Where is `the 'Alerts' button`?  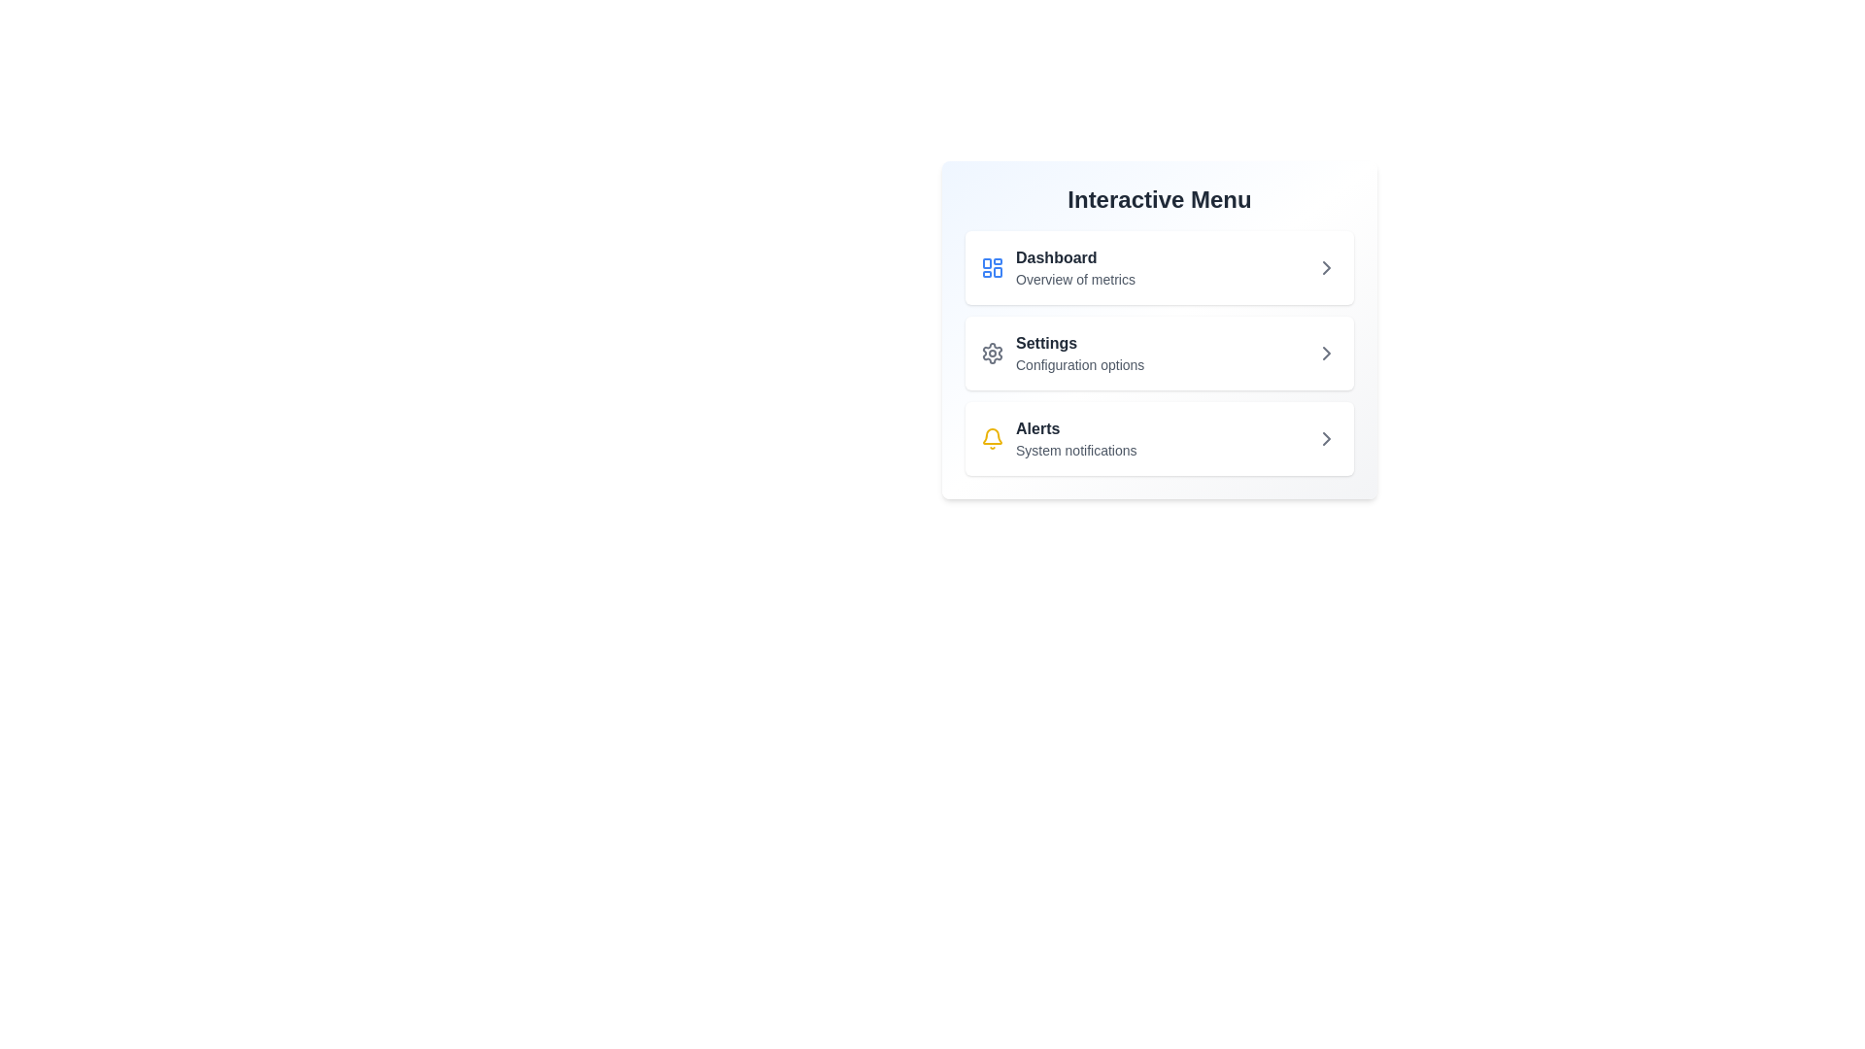 the 'Alerts' button is located at coordinates (1160, 438).